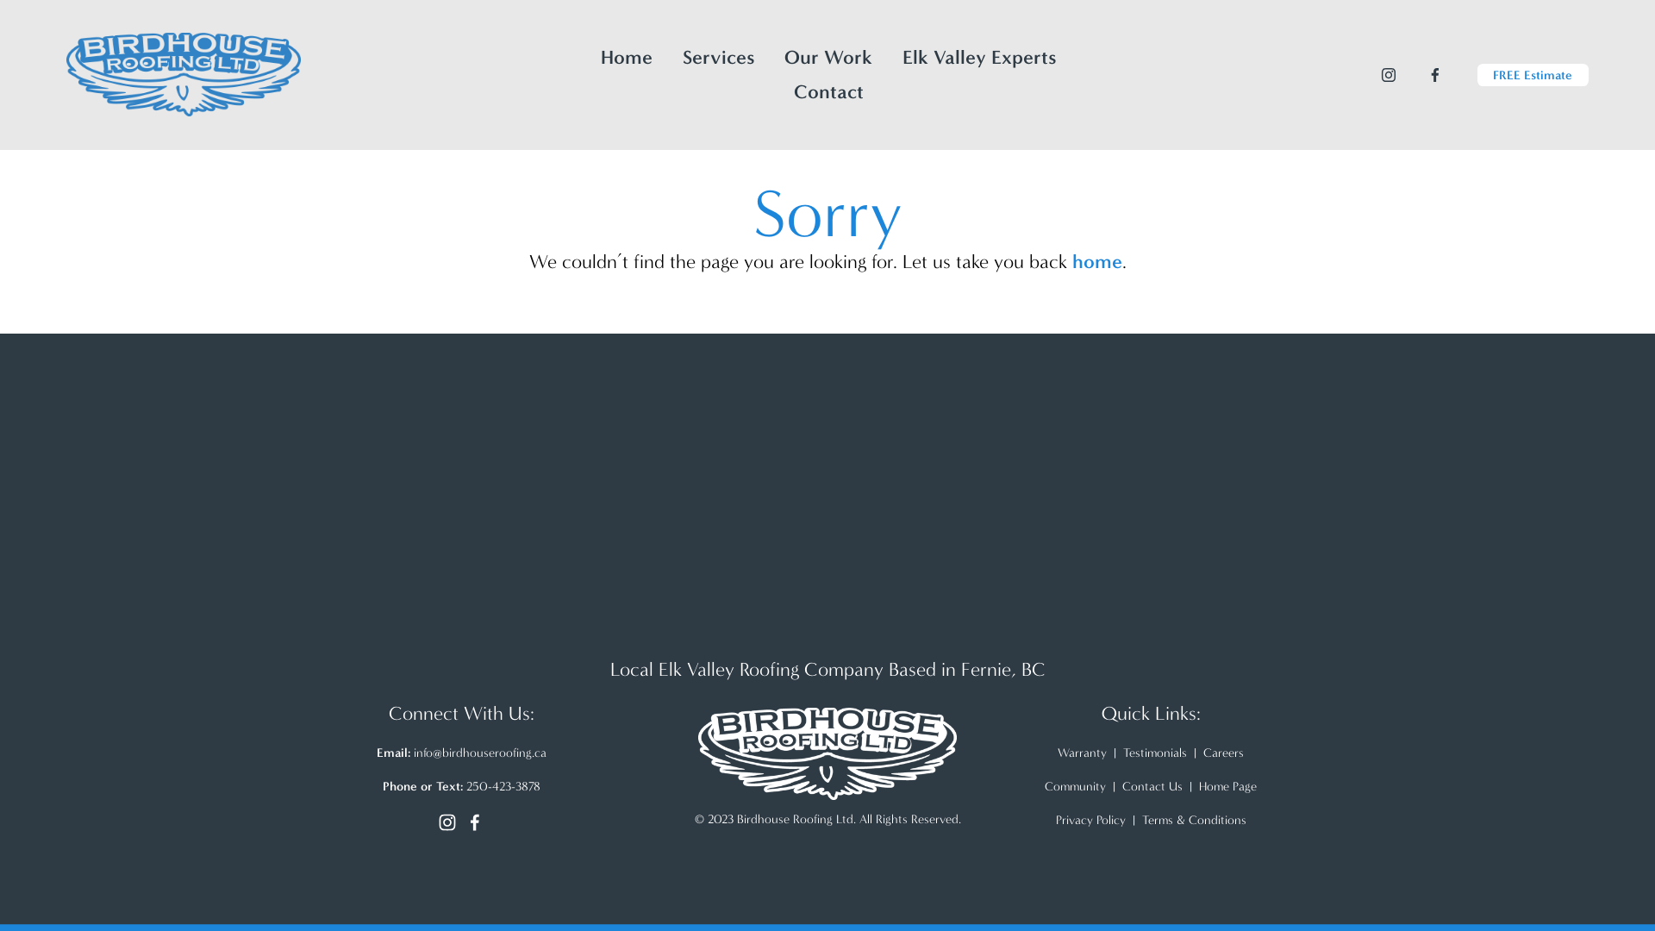 This screenshot has height=931, width=1655. I want to click on 'Our Work', so click(784, 56).